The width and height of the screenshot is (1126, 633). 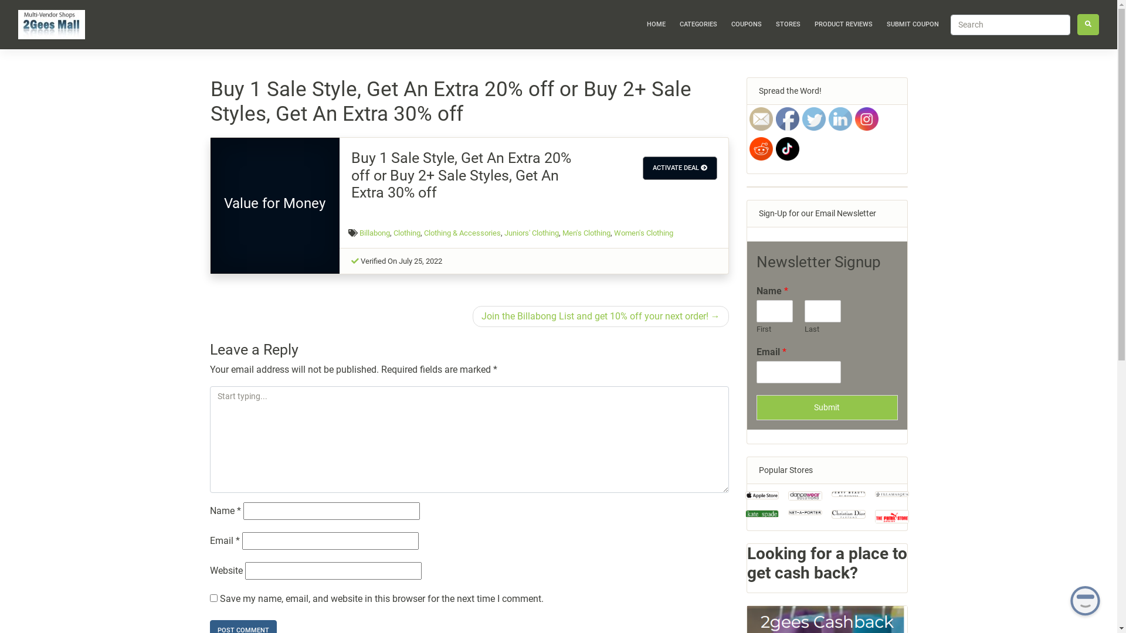 What do you see at coordinates (655, 25) in the screenshot?
I see `'HOME'` at bounding box center [655, 25].